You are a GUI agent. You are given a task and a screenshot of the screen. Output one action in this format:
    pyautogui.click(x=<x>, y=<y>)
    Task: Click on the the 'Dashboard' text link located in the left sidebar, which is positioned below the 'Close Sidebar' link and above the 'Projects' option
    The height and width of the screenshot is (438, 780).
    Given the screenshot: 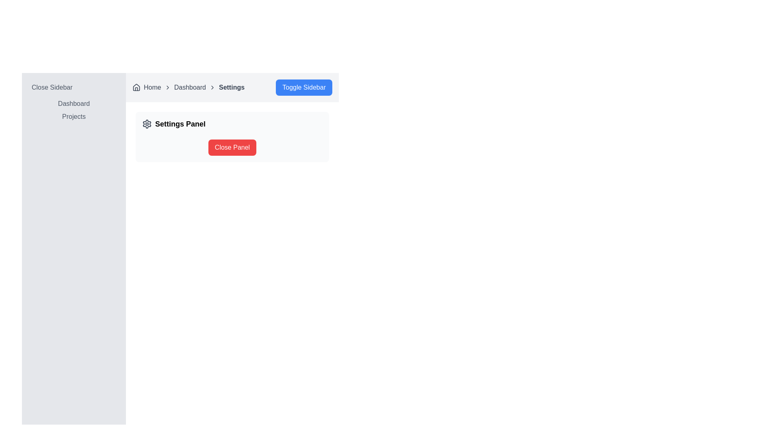 What is the action you would take?
    pyautogui.click(x=74, y=103)
    